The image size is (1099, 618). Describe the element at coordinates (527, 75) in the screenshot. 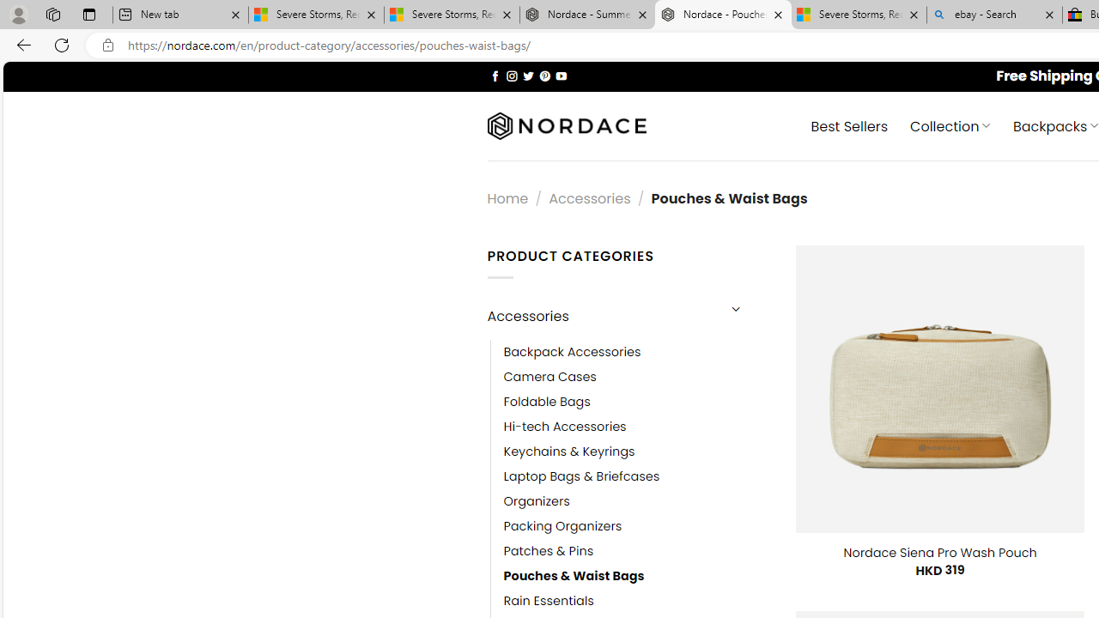

I see `'Follow on Twitter'` at that location.